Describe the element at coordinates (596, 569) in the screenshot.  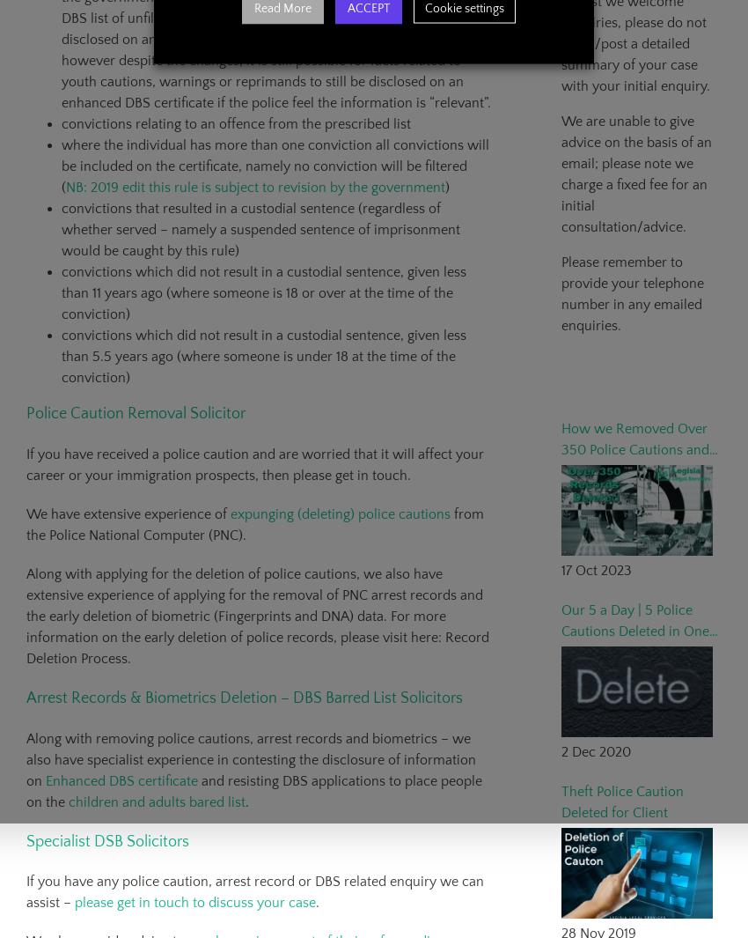
I see `'17 Oct 2023'` at that location.